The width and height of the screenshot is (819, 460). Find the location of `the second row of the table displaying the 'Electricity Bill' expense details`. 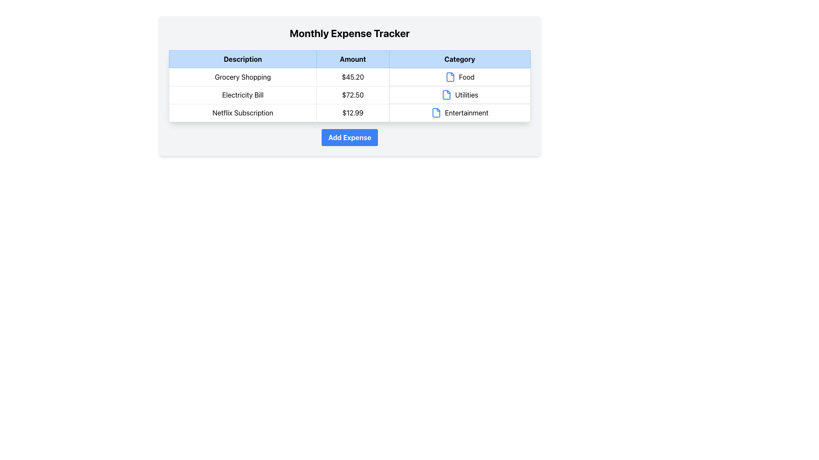

the second row of the table displaying the 'Electricity Bill' expense details is located at coordinates (350, 95).